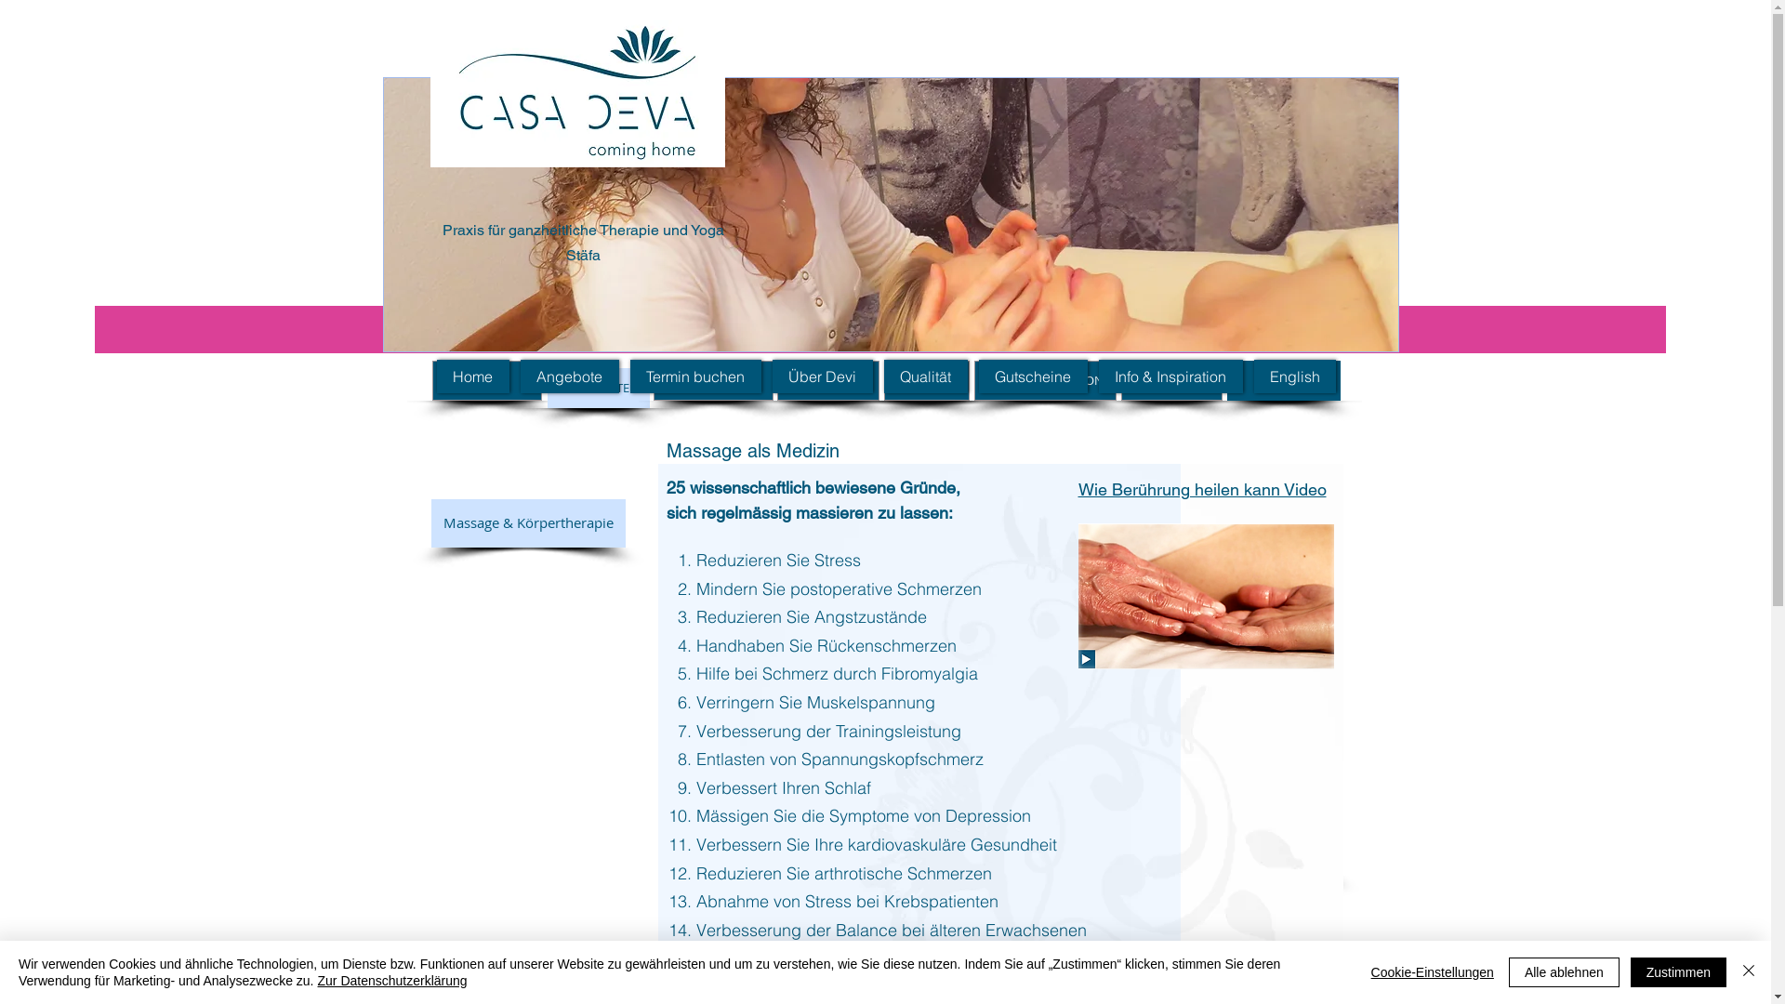  I want to click on 'English', so click(1253, 376).